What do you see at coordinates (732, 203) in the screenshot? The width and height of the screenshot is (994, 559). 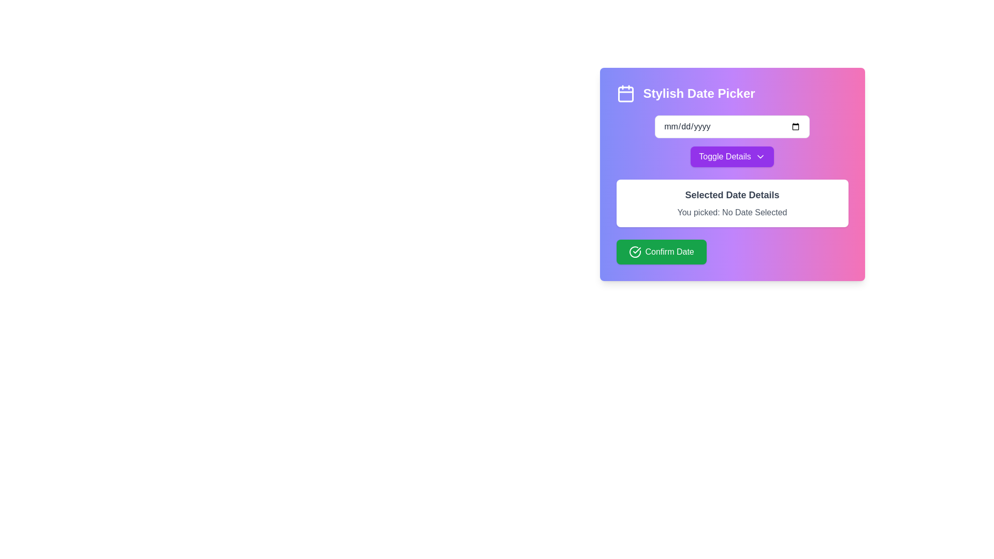 I see `the informational display/card that shows the currently selected date, located in the middle section of the 'Stylish Date Picker' UI, positioned below the 'Toggle Details' button and above the 'Confirm Date' button` at bounding box center [732, 203].